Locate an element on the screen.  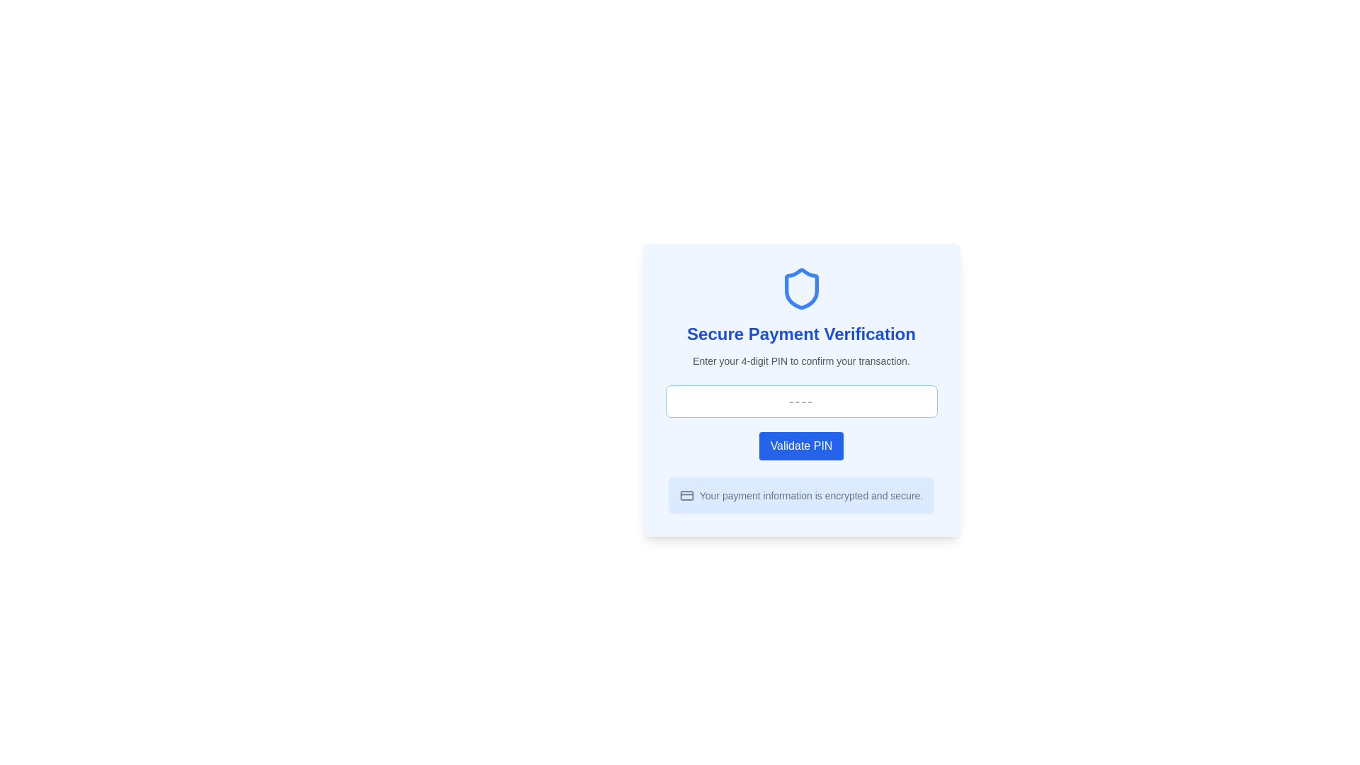
the blue credit card styled vector icon located to the left of the text 'Your payment information is encrypted and secure.' in the notification bar is located at coordinates (686, 494).